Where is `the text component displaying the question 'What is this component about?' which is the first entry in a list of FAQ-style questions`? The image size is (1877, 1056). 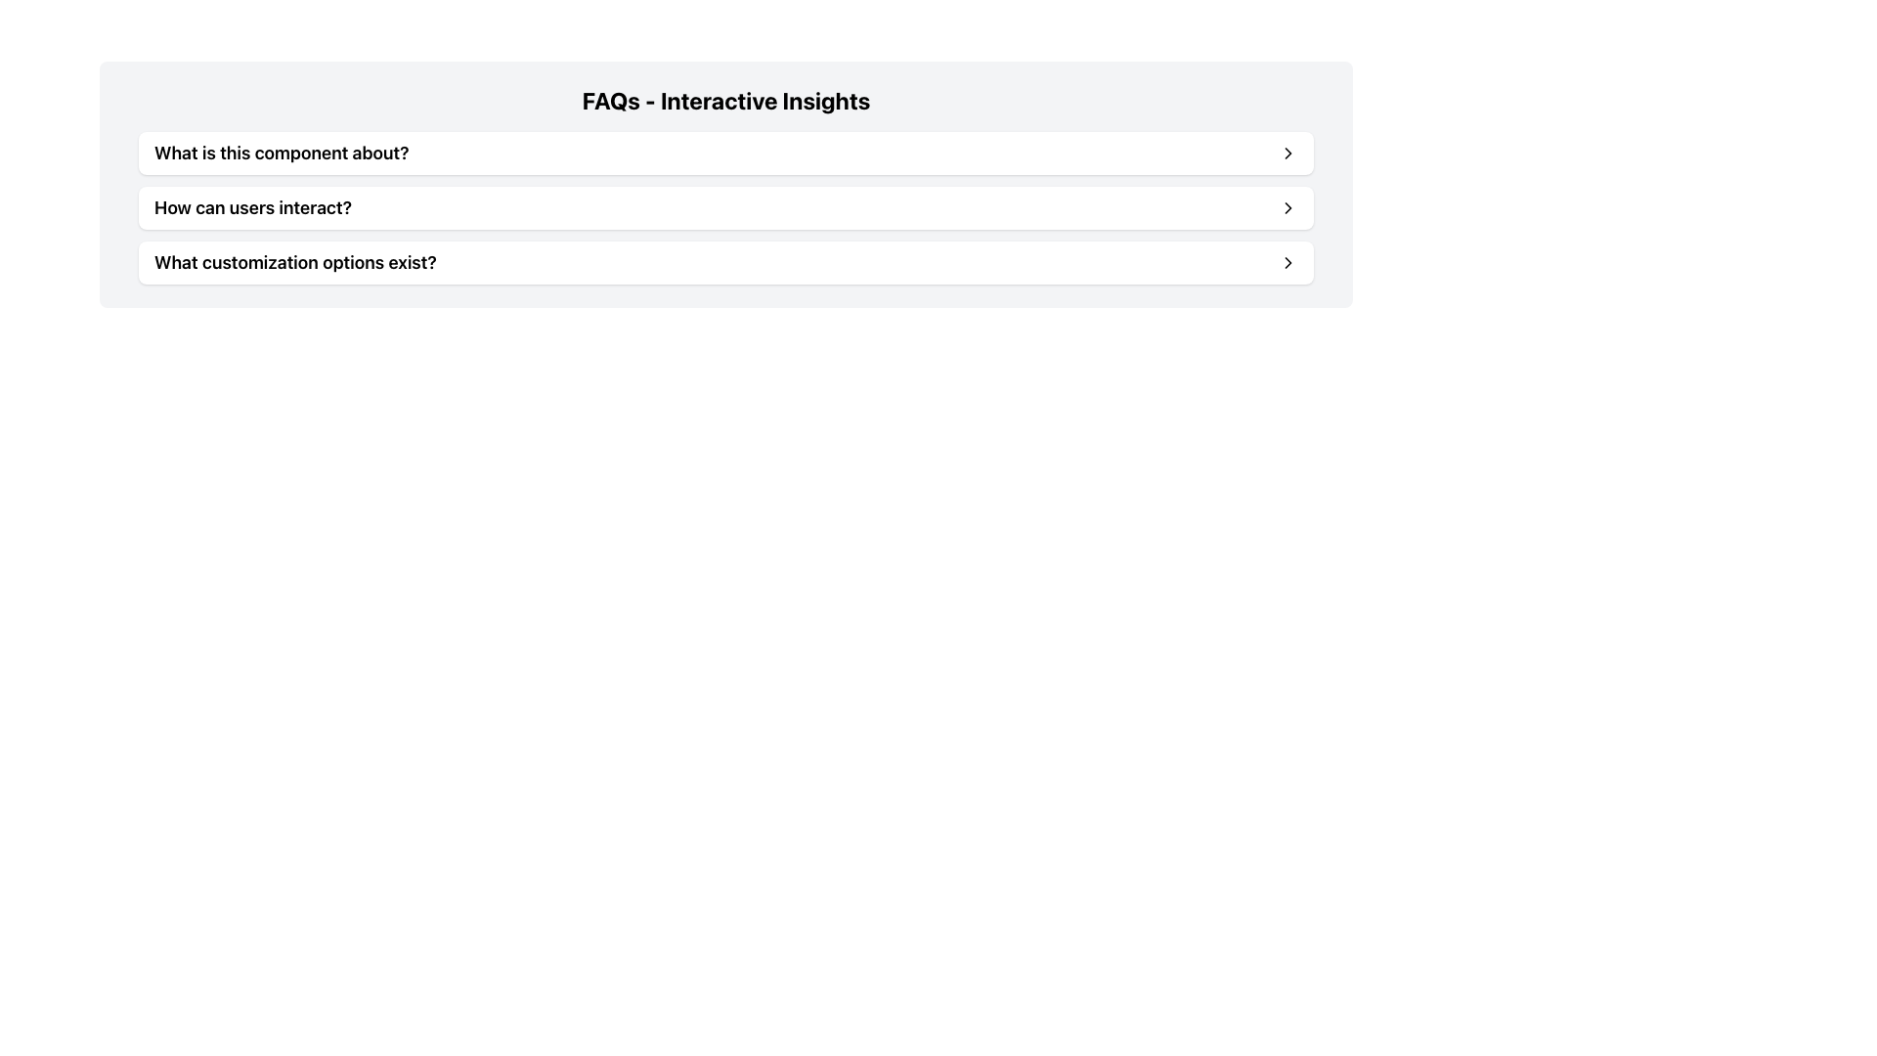 the text component displaying the question 'What is this component about?' which is the first entry in a list of FAQ-style questions is located at coordinates (281, 153).